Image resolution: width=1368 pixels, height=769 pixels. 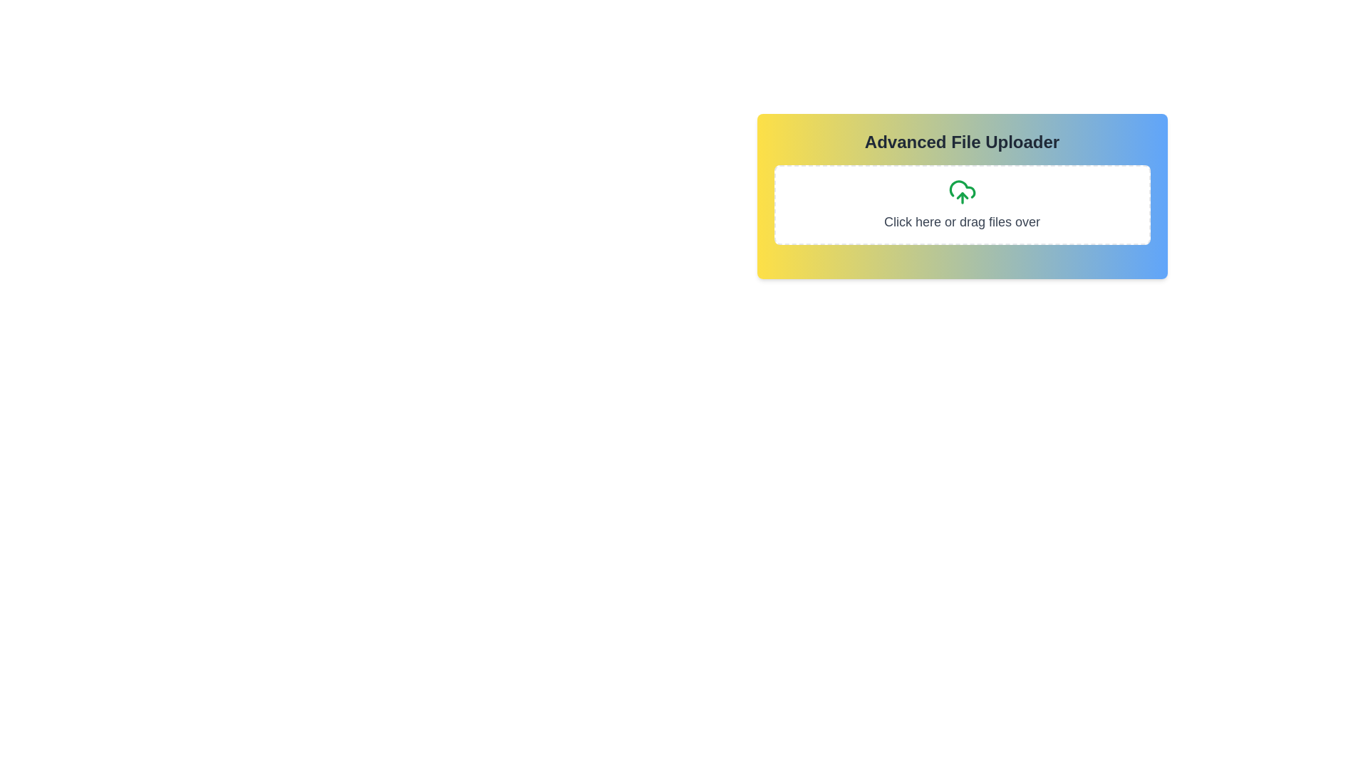 What do you see at coordinates (962, 205) in the screenshot?
I see `the bordered rectangular File upload drop zone with a dashed border and a green cloud upload icon to initiate file selection` at bounding box center [962, 205].